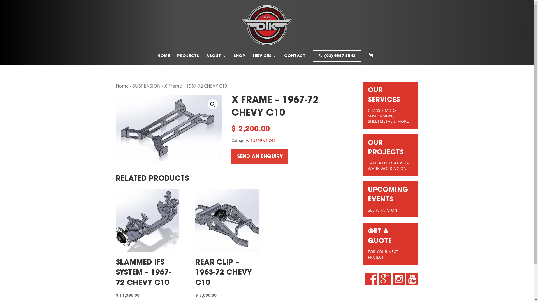  Describe the element at coordinates (252, 58) in the screenshot. I see `'SERVICES'` at that location.